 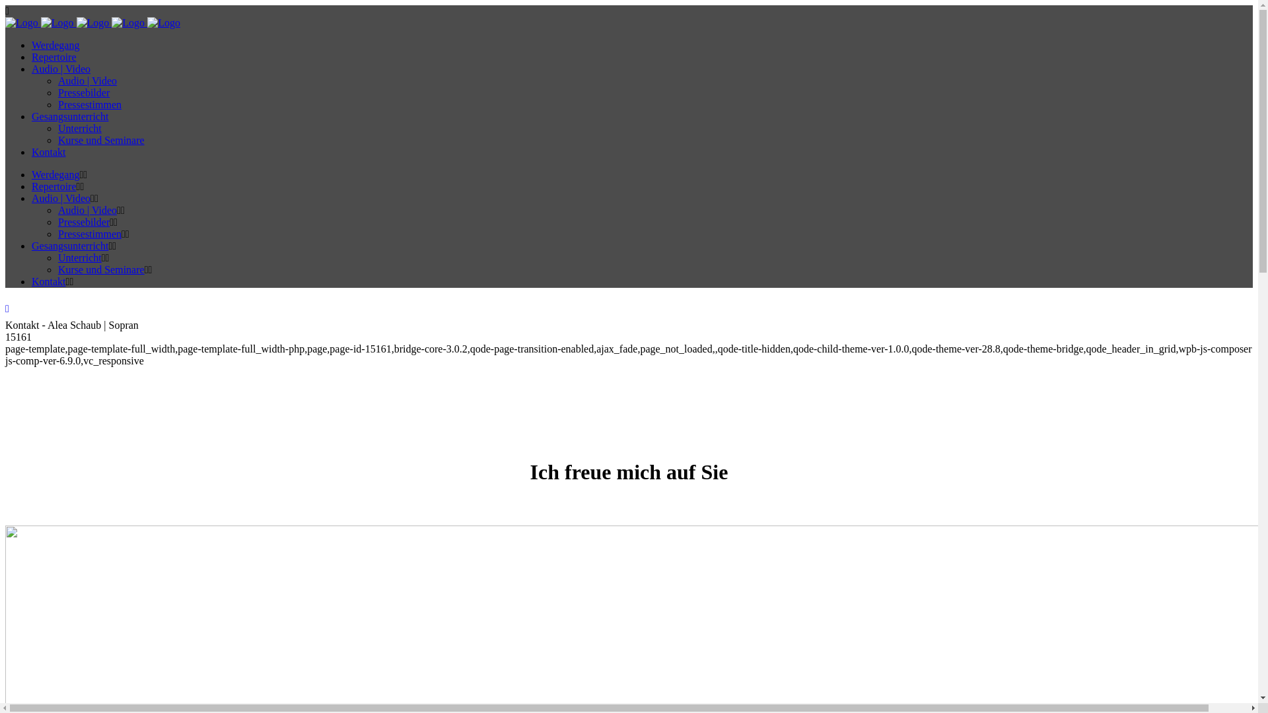 What do you see at coordinates (87, 209) in the screenshot?
I see `'Audio | Video'` at bounding box center [87, 209].